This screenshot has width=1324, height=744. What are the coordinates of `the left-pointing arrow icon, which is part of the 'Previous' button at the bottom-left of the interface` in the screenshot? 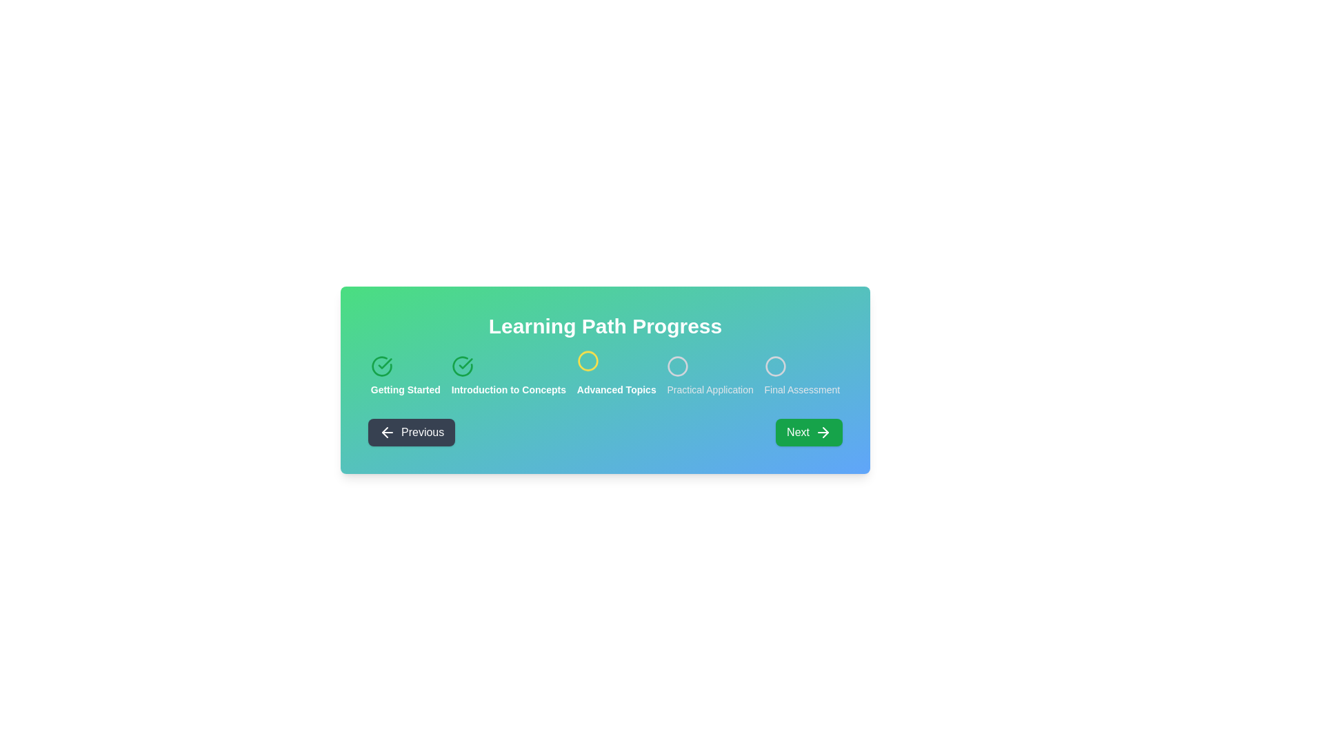 It's located at (385, 432).